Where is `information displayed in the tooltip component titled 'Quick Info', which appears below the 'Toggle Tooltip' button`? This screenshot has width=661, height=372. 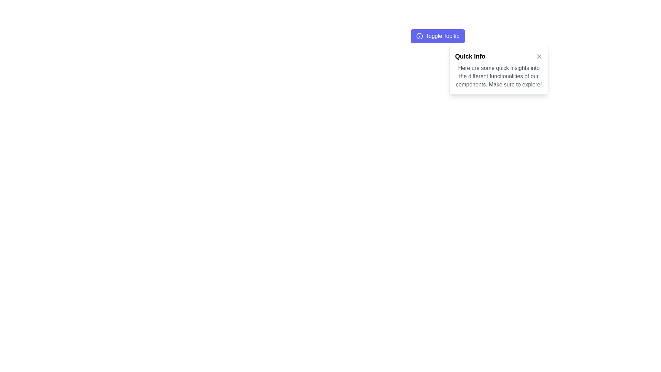
information displayed in the tooltip component titled 'Quick Info', which appears below the 'Toggle Tooltip' button is located at coordinates (499, 70).